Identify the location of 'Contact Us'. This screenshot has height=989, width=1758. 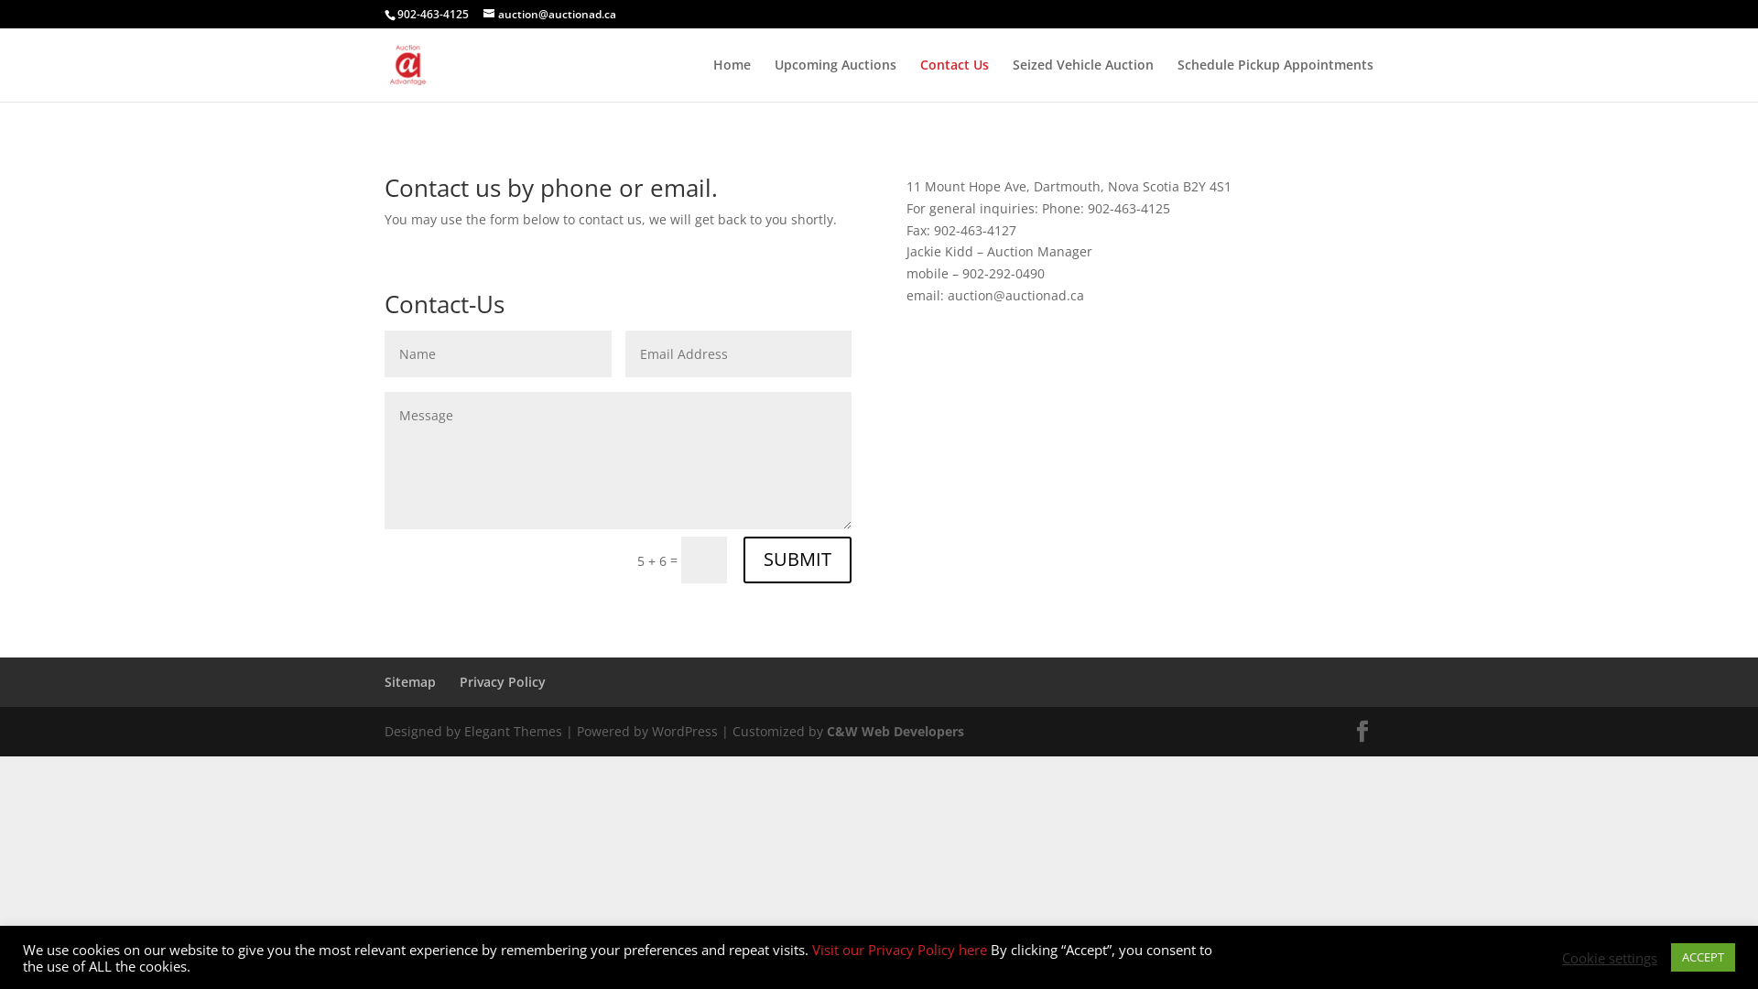
(953, 79).